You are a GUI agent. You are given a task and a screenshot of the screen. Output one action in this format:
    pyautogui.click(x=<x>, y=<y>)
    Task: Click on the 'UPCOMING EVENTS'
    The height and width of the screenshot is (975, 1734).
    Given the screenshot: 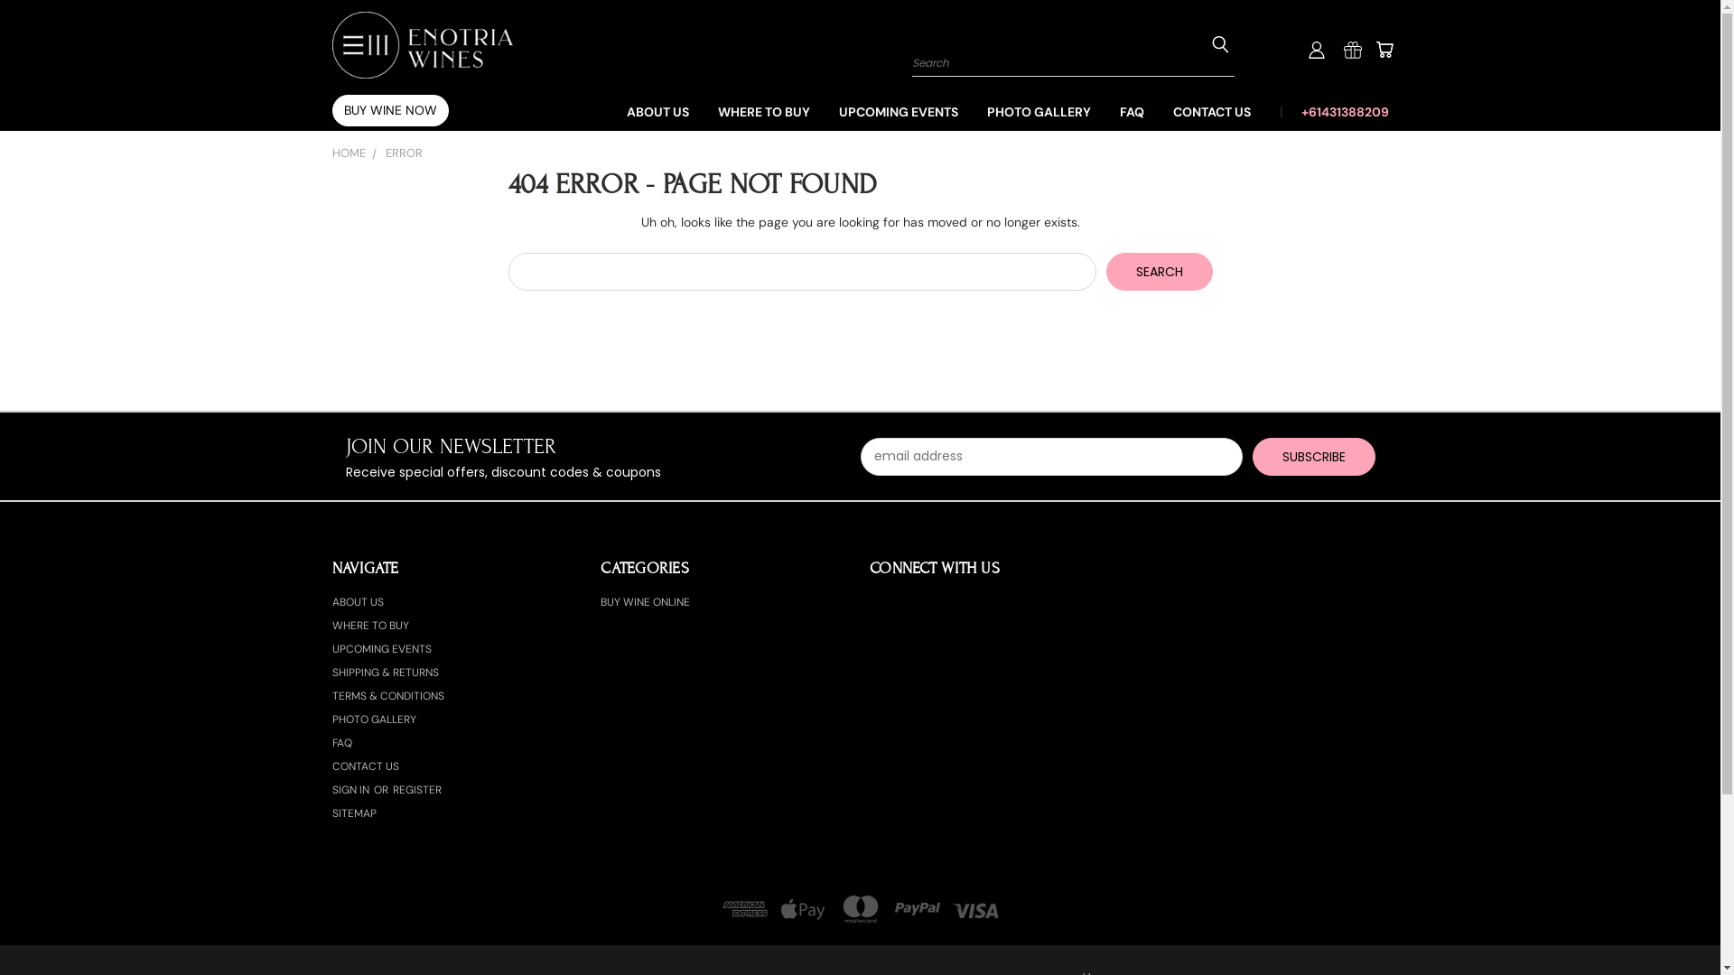 What is the action you would take?
    pyautogui.click(x=380, y=652)
    